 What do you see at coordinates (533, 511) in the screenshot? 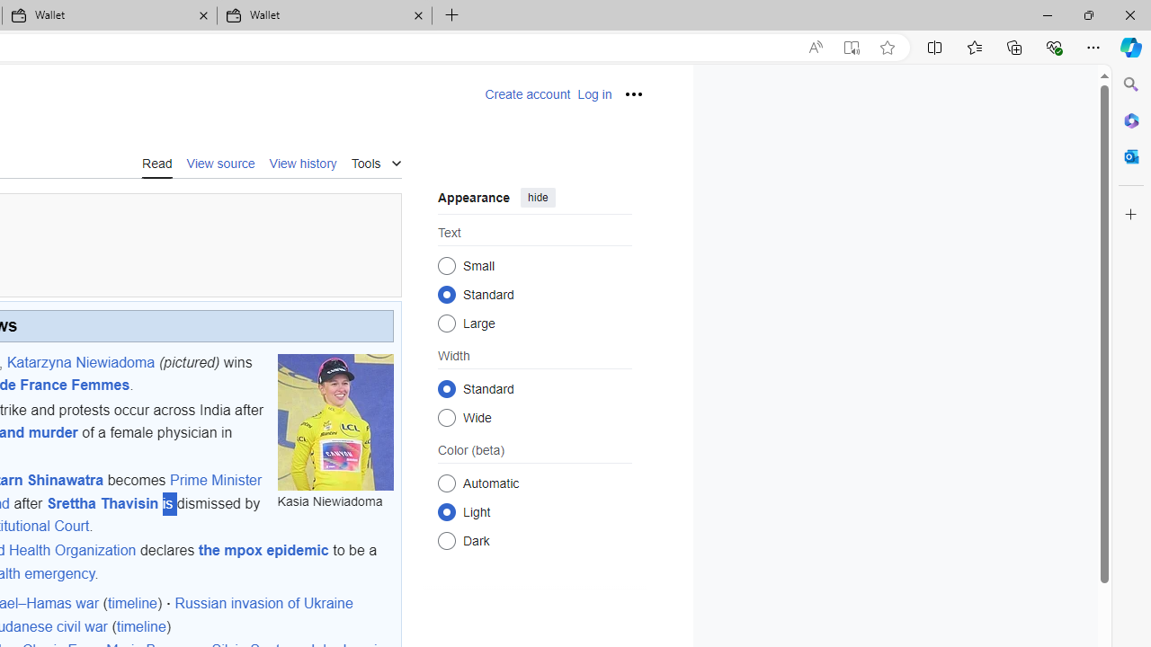
I see `'Class: mw-list-item mw-list-item-js'` at bounding box center [533, 511].